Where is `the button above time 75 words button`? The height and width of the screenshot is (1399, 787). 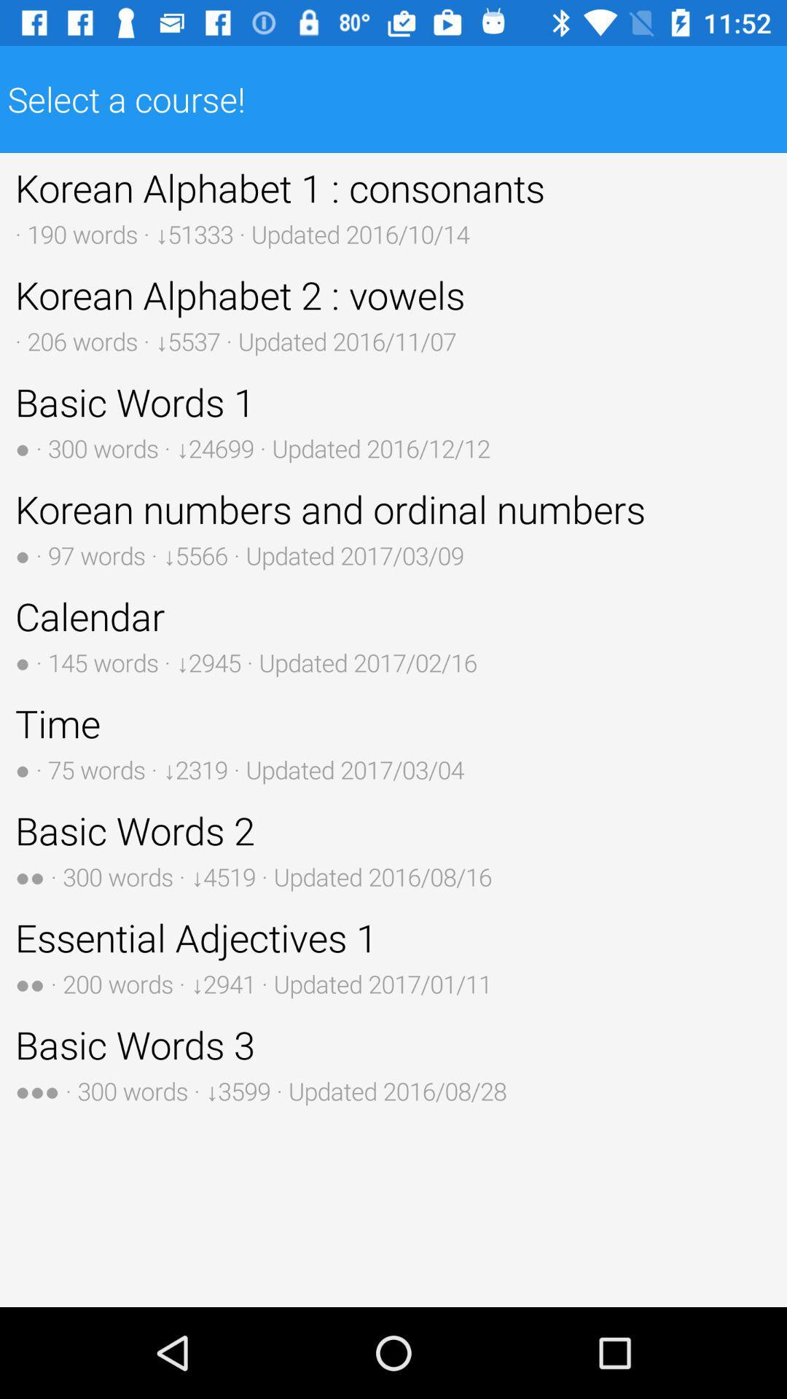 the button above time 75 words button is located at coordinates (393, 635).